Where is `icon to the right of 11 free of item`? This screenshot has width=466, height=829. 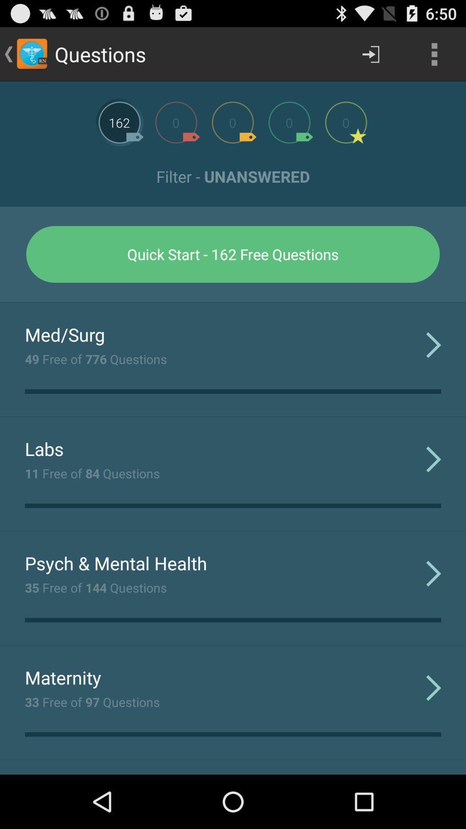
icon to the right of 11 free of item is located at coordinates (434, 459).